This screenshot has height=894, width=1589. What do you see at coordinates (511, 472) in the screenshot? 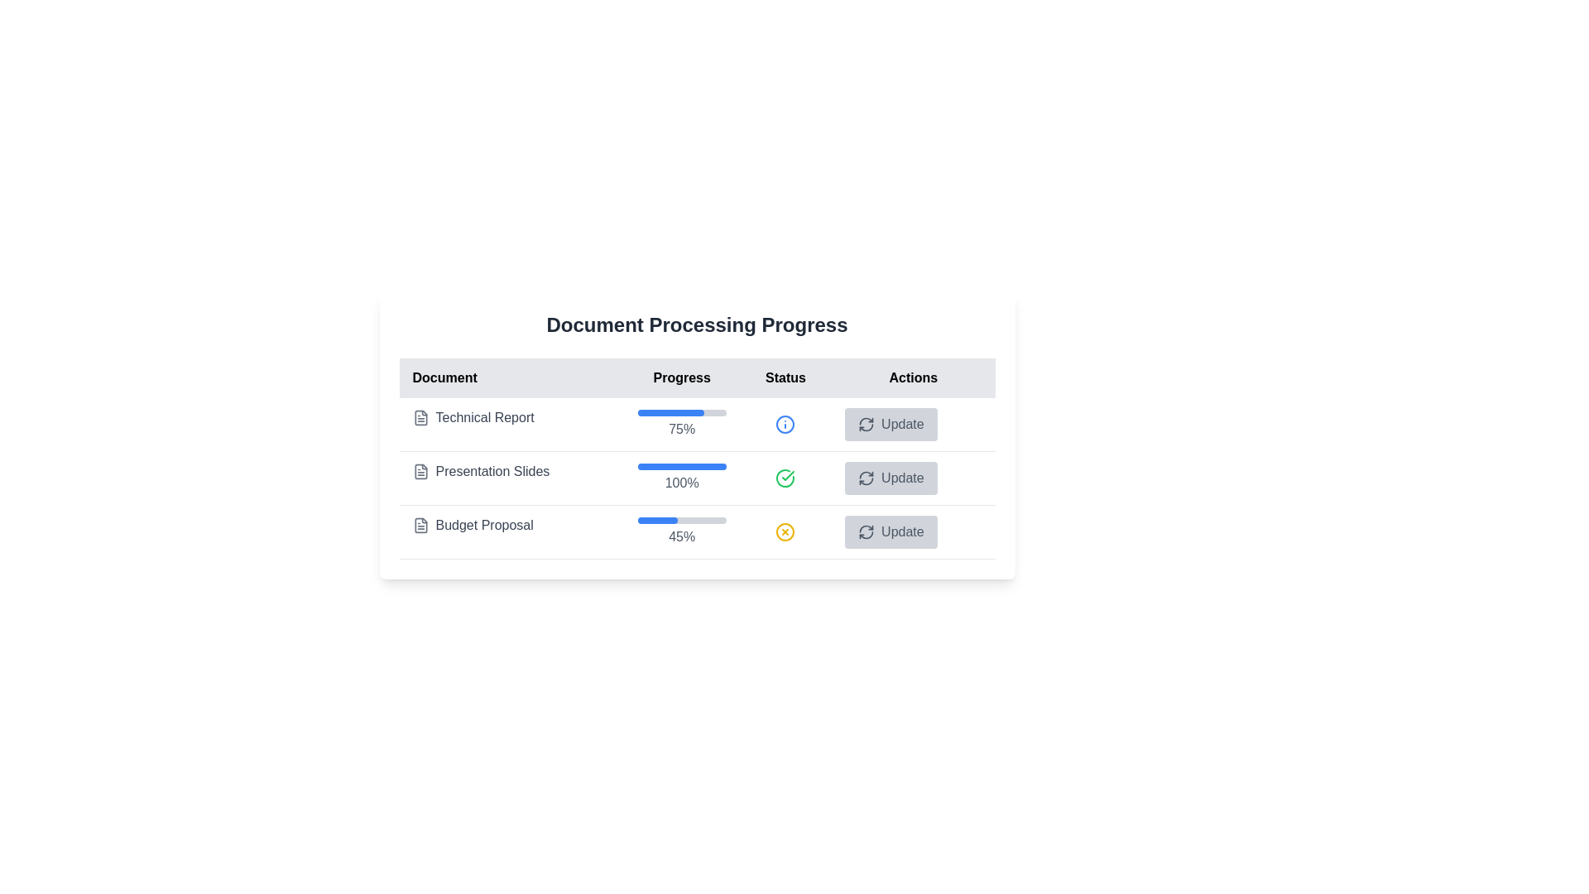
I see `the 'Presentation Slides' label with icon representation, which displays a document icon and is located in the second row under the 'Document' column` at bounding box center [511, 472].